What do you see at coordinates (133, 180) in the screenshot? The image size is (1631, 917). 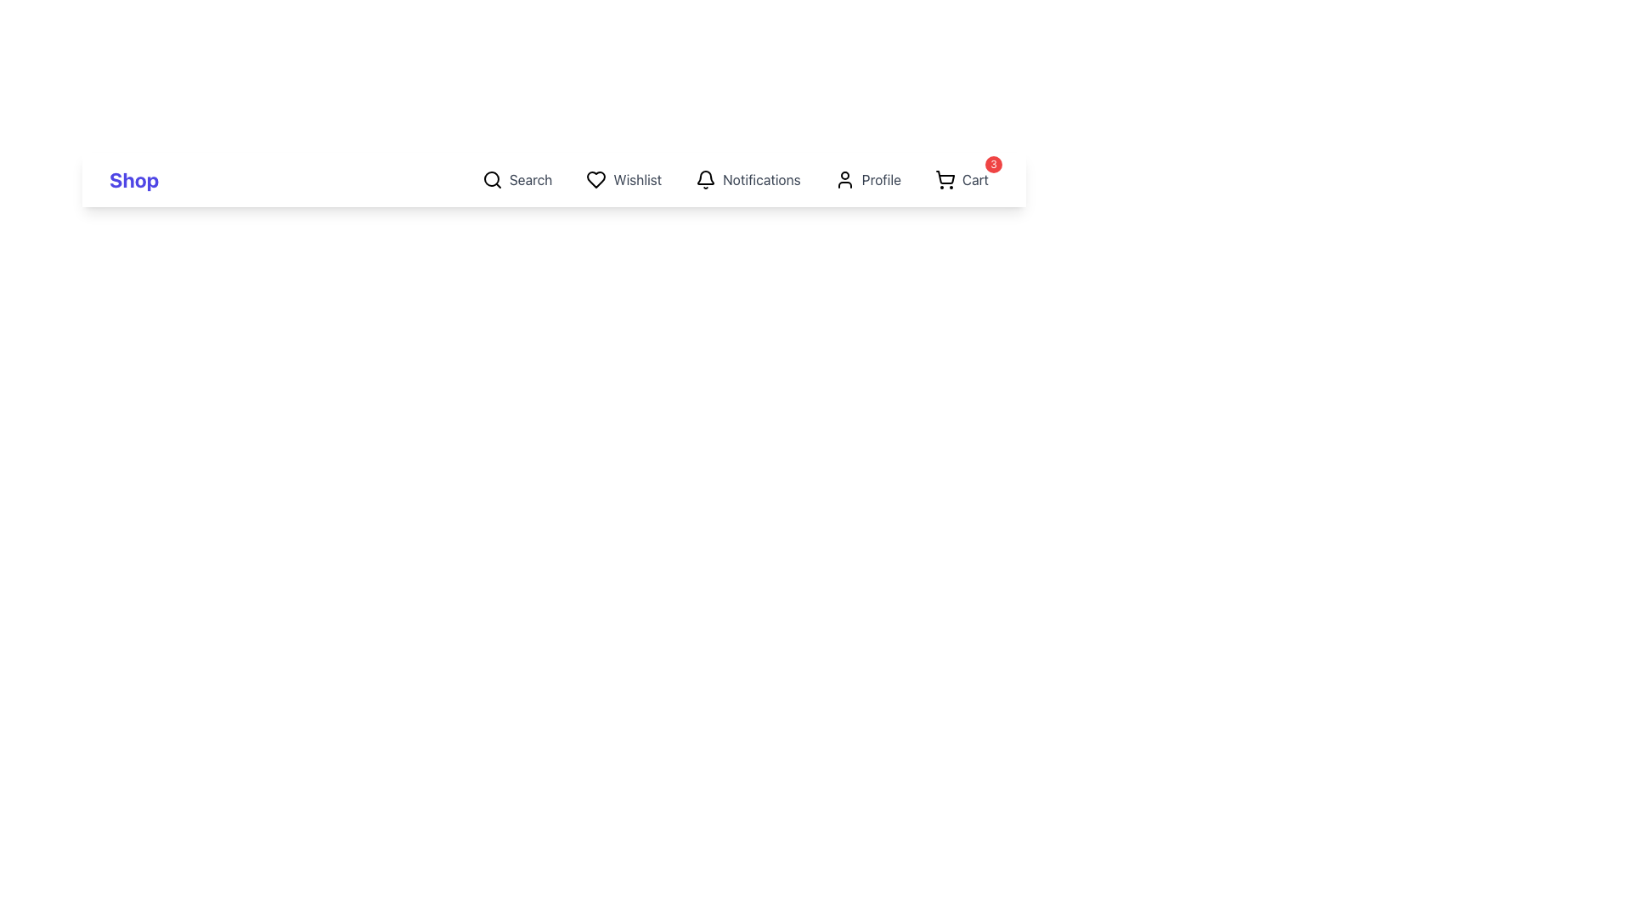 I see `the standalone text label or link in the header section` at bounding box center [133, 180].